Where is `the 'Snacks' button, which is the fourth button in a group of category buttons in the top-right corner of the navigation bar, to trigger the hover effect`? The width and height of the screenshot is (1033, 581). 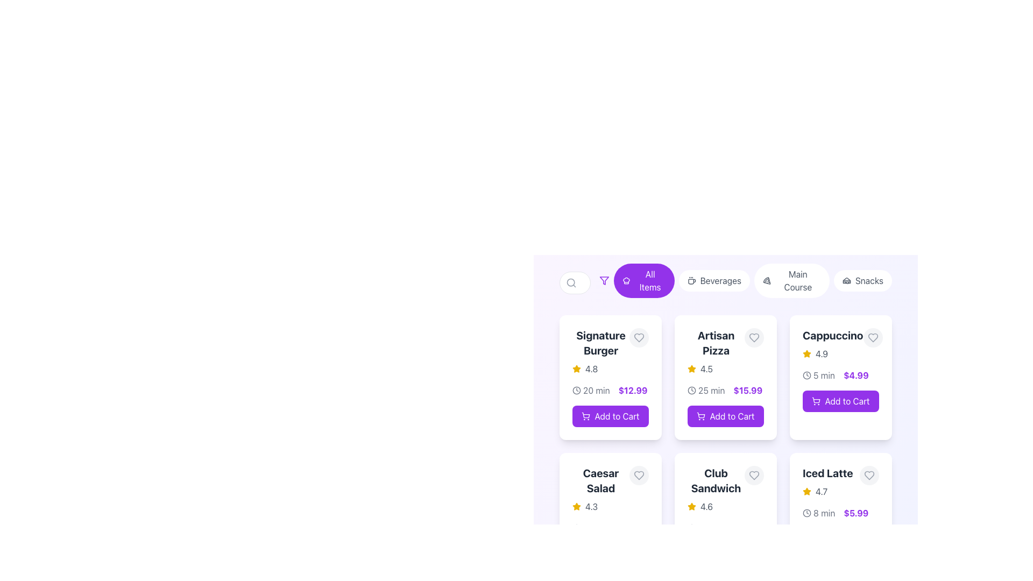
the 'Snacks' button, which is the fourth button in a group of category buttons in the top-right corner of the navigation bar, to trigger the hover effect is located at coordinates (862, 280).